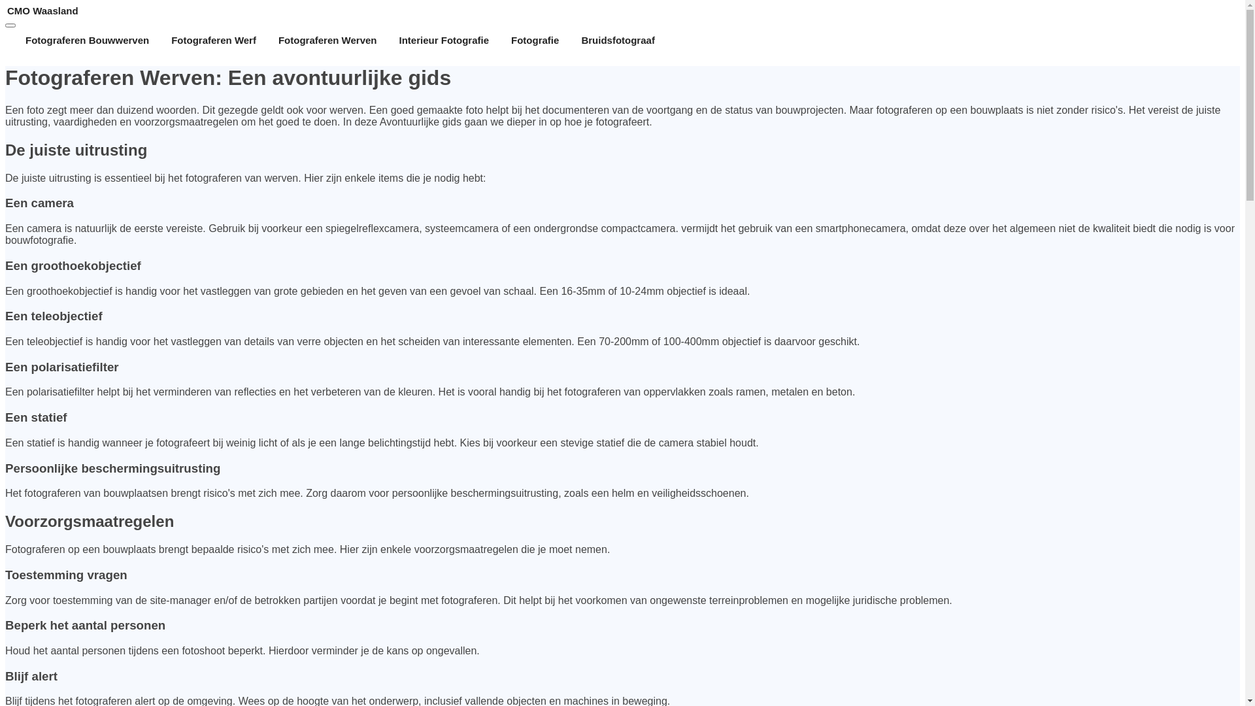 The height and width of the screenshot is (706, 1255). I want to click on 'Fotograferen Werf', so click(213, 39).